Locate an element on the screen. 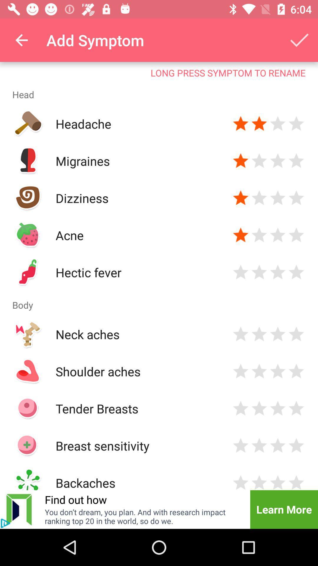 This screenshot has height=566, width=318. the item above the long press symptom is located at coordinates (299, 40).